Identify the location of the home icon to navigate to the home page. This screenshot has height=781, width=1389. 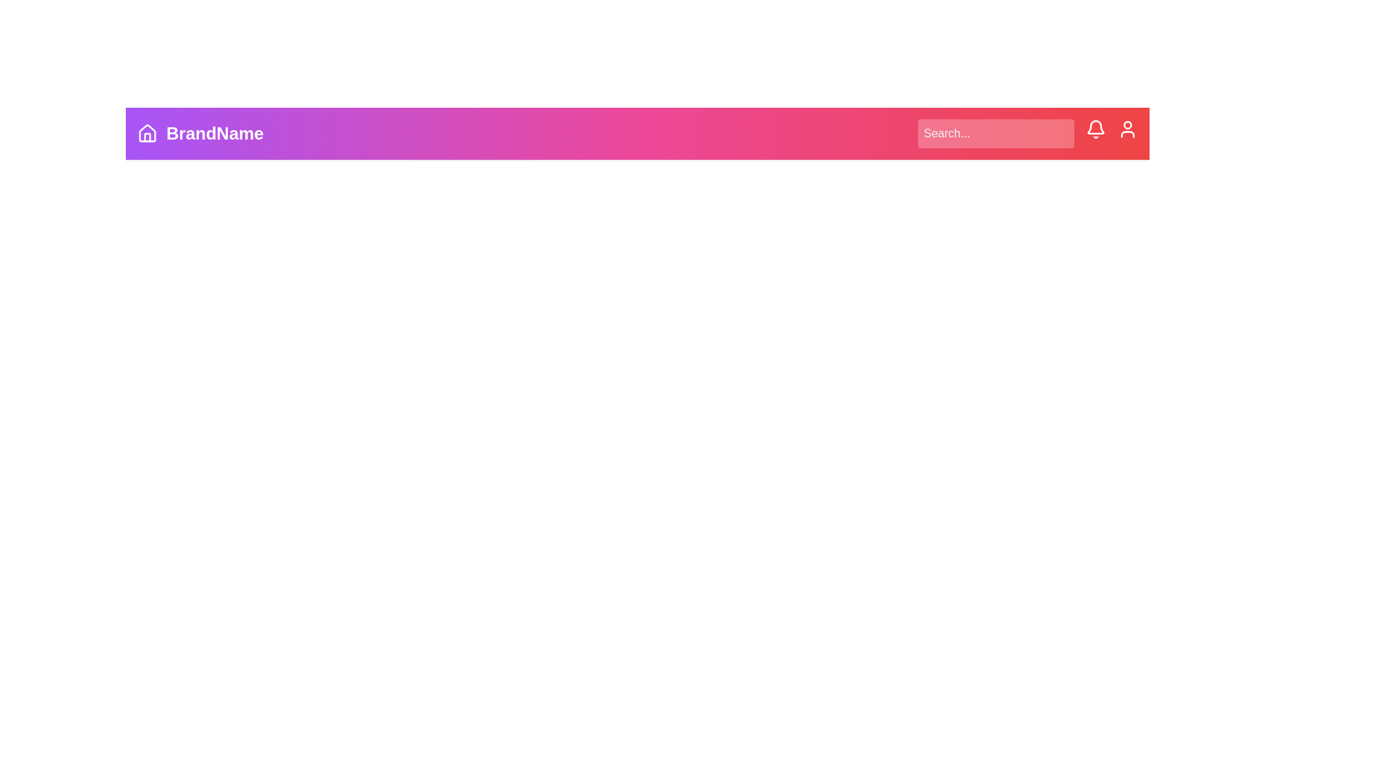
(147, 134).